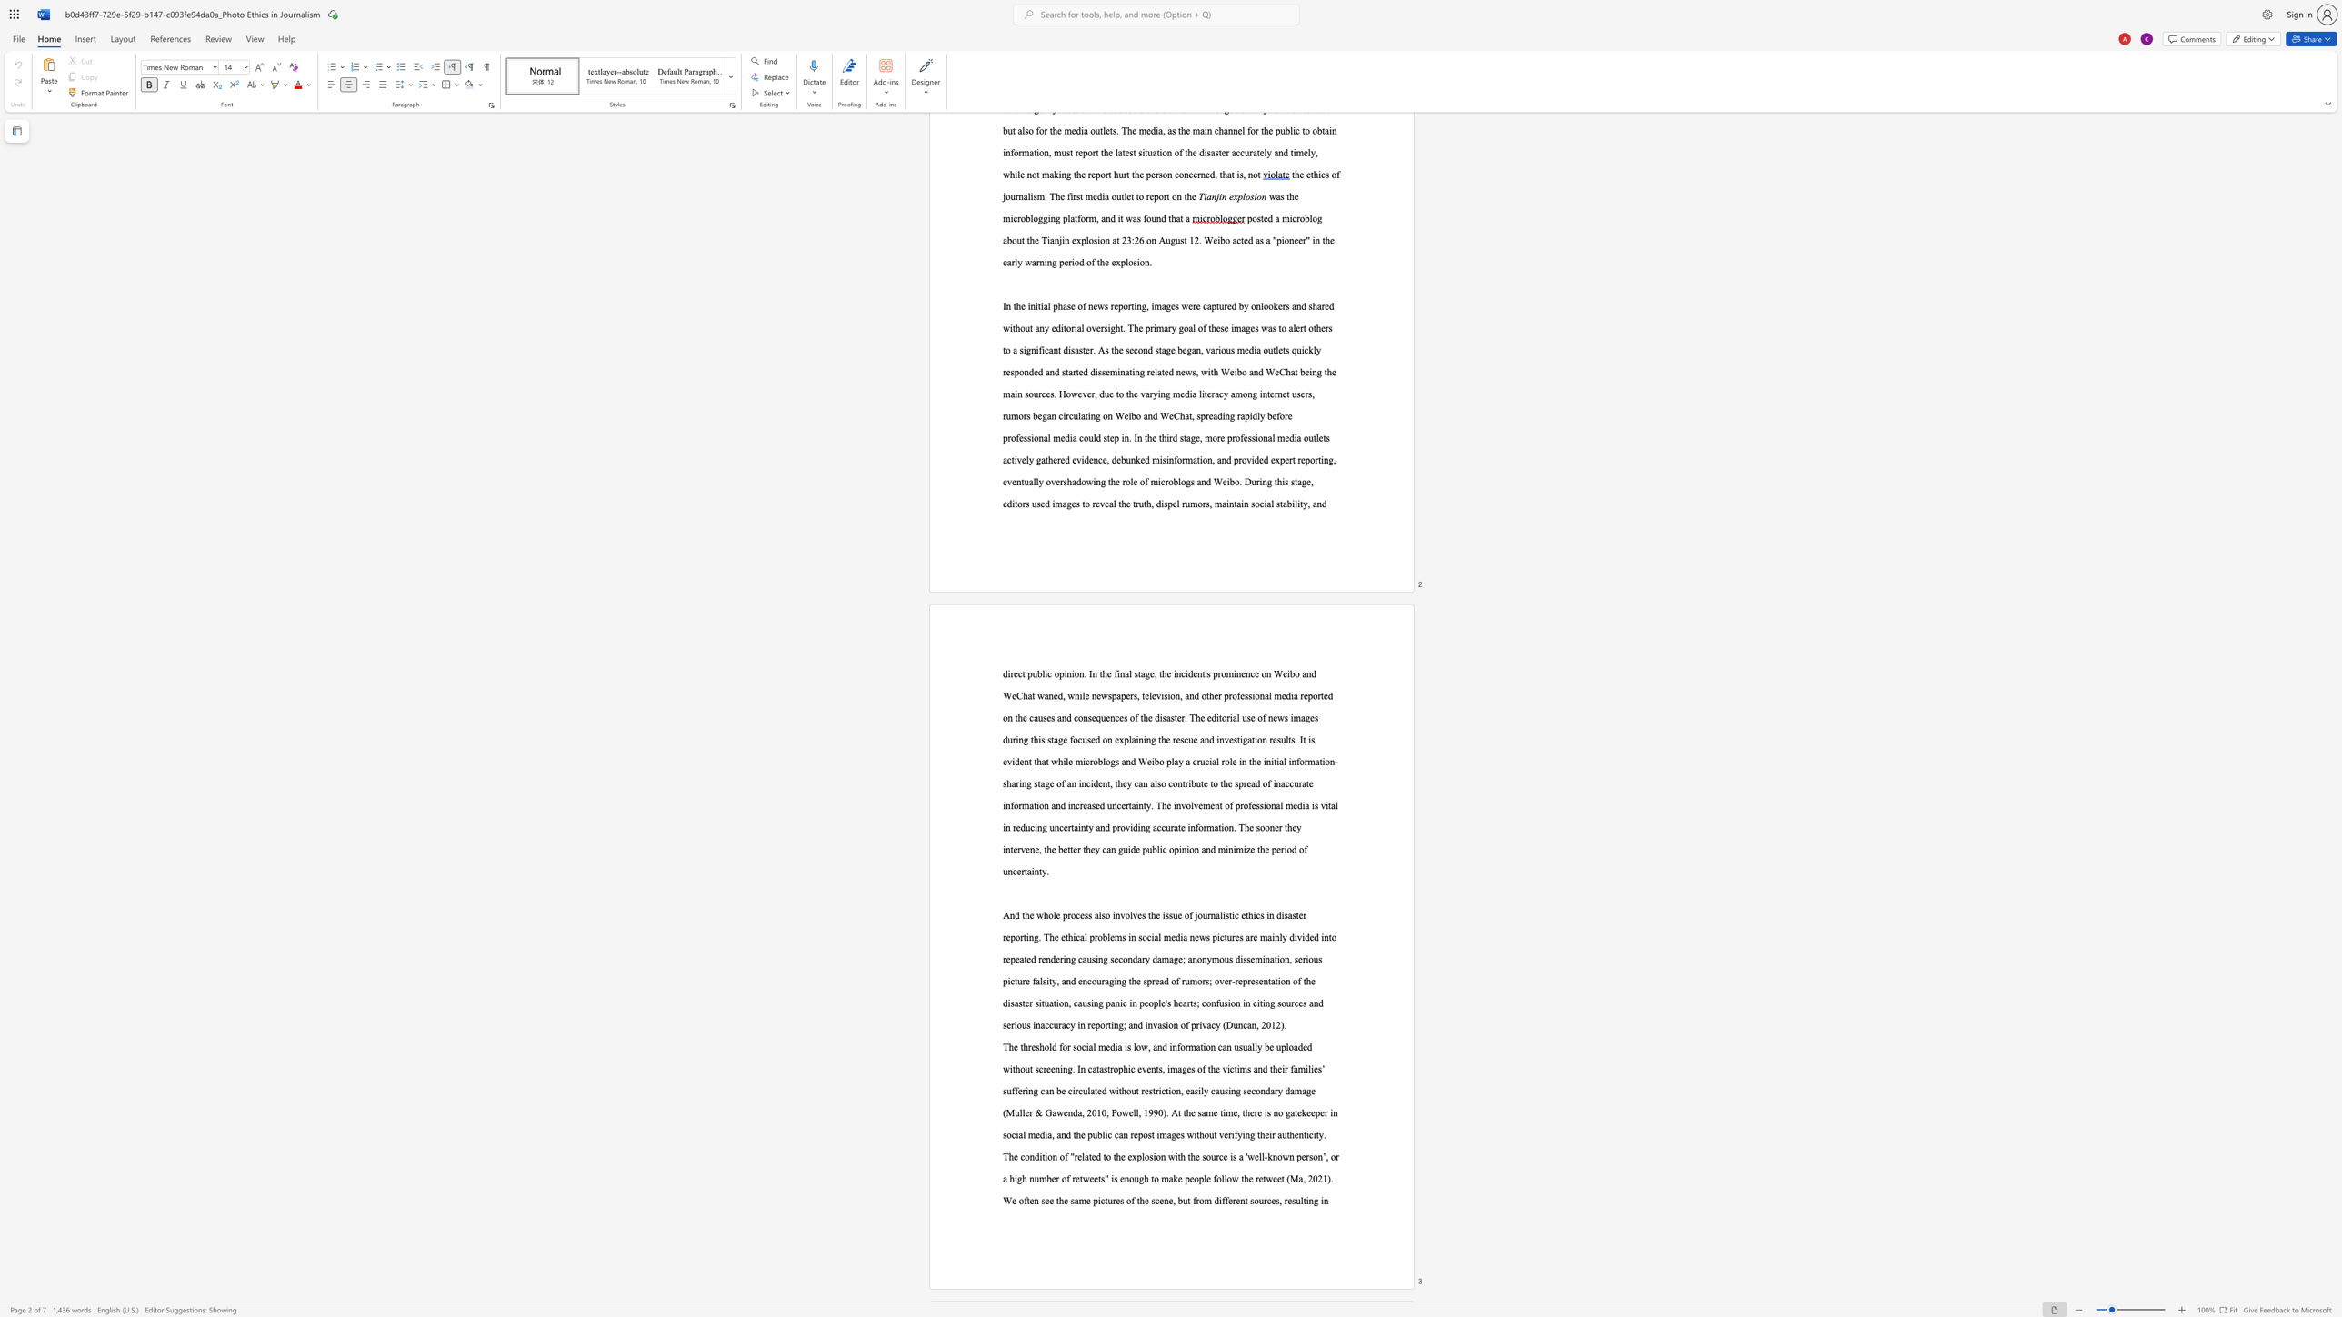 The height and width of the screenshot is (1317, 2342). What do you see at coordinates (1024, 958) in the screenshot?
I see `the subset text "ted rendering causing secondary damage; anonymous dissemination, serious picture falsity, and encouraging the spread of rumors; over-representation of the disaster situation, causing panic in people" within the text "also involves the issue of journalistic ethics in disaster reporting. The ethical problems in social media news pictures are mainly divided into repeated rendering causing secondary damage; anonymous dissemination, serious picture falsity, and encouraging the spread of rumors; over-representation of the disaster situation, causing panic in people"` at bounding box center [1024, 958].